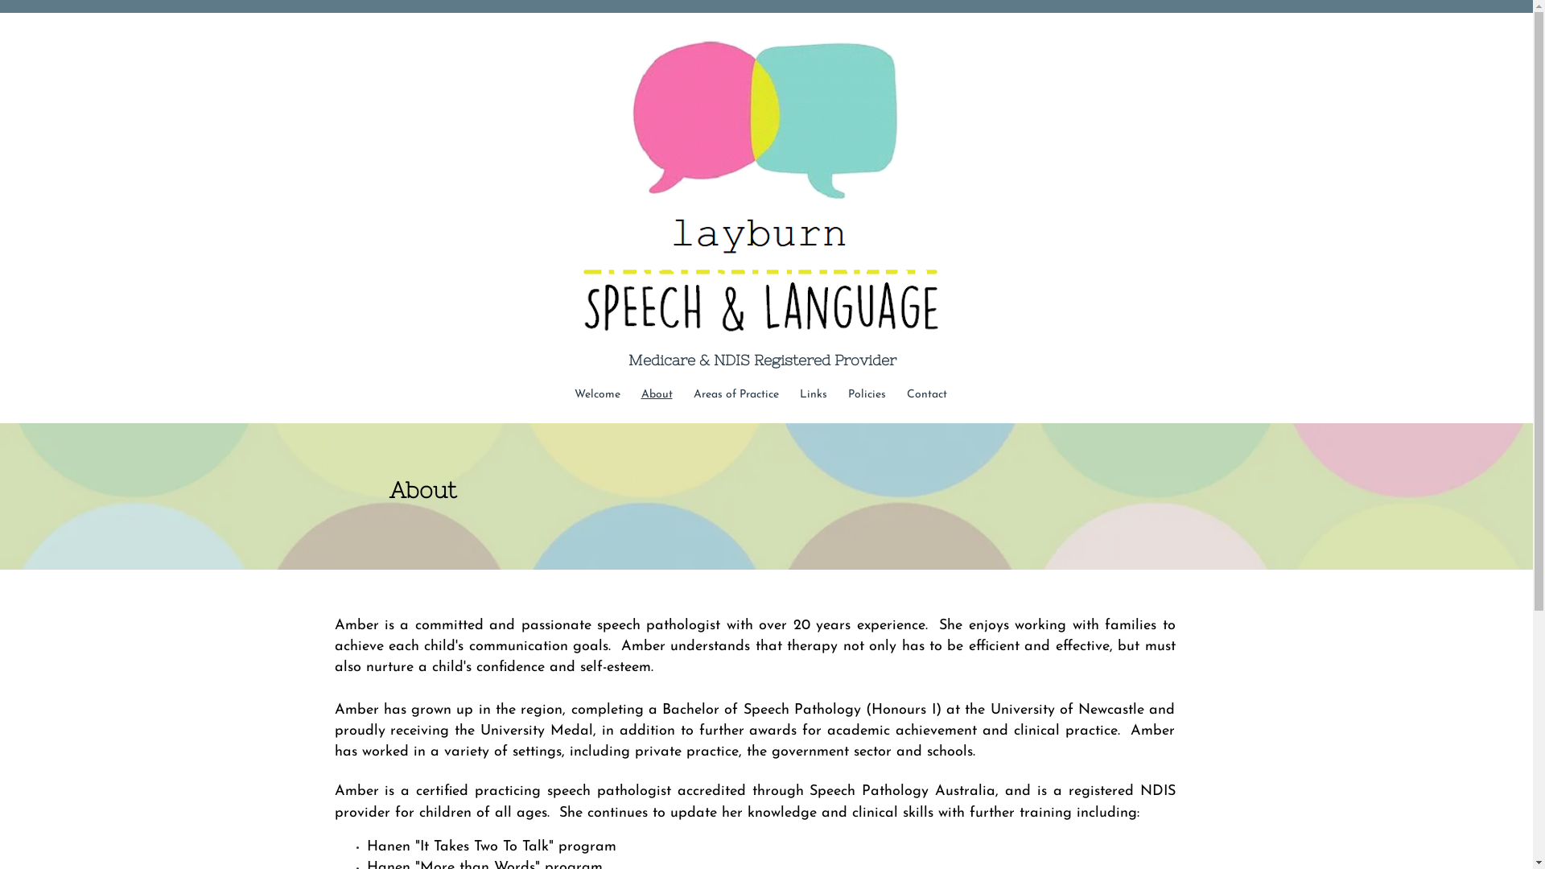  Describe the element at coordinates (927, 394) in the screenshot. I see `'Contact'` at that location.